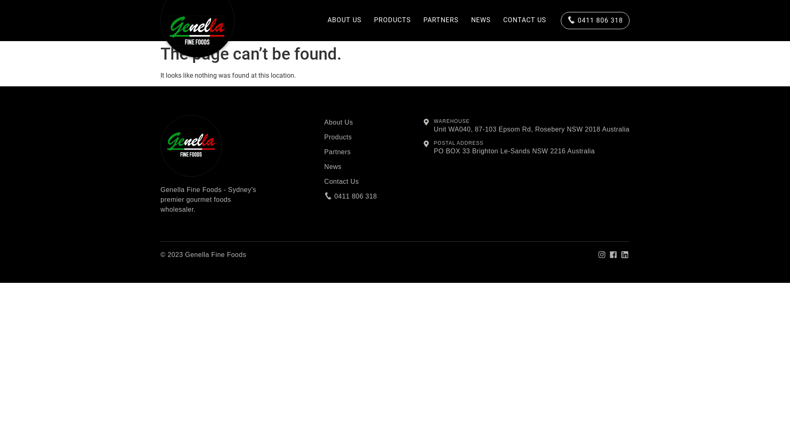  Describe the element at coordinates (350, 181) in the screenshot. I see `'Contact Us'` at that location.